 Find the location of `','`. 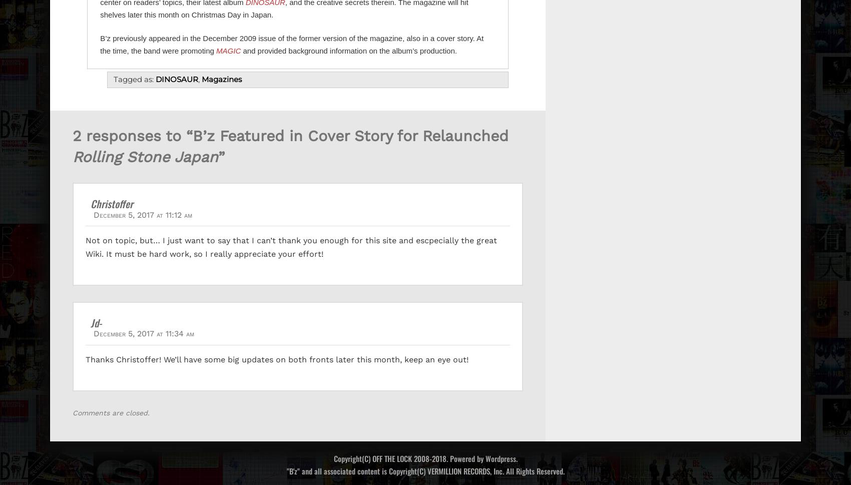

',' is located at coordinates (199, 79).